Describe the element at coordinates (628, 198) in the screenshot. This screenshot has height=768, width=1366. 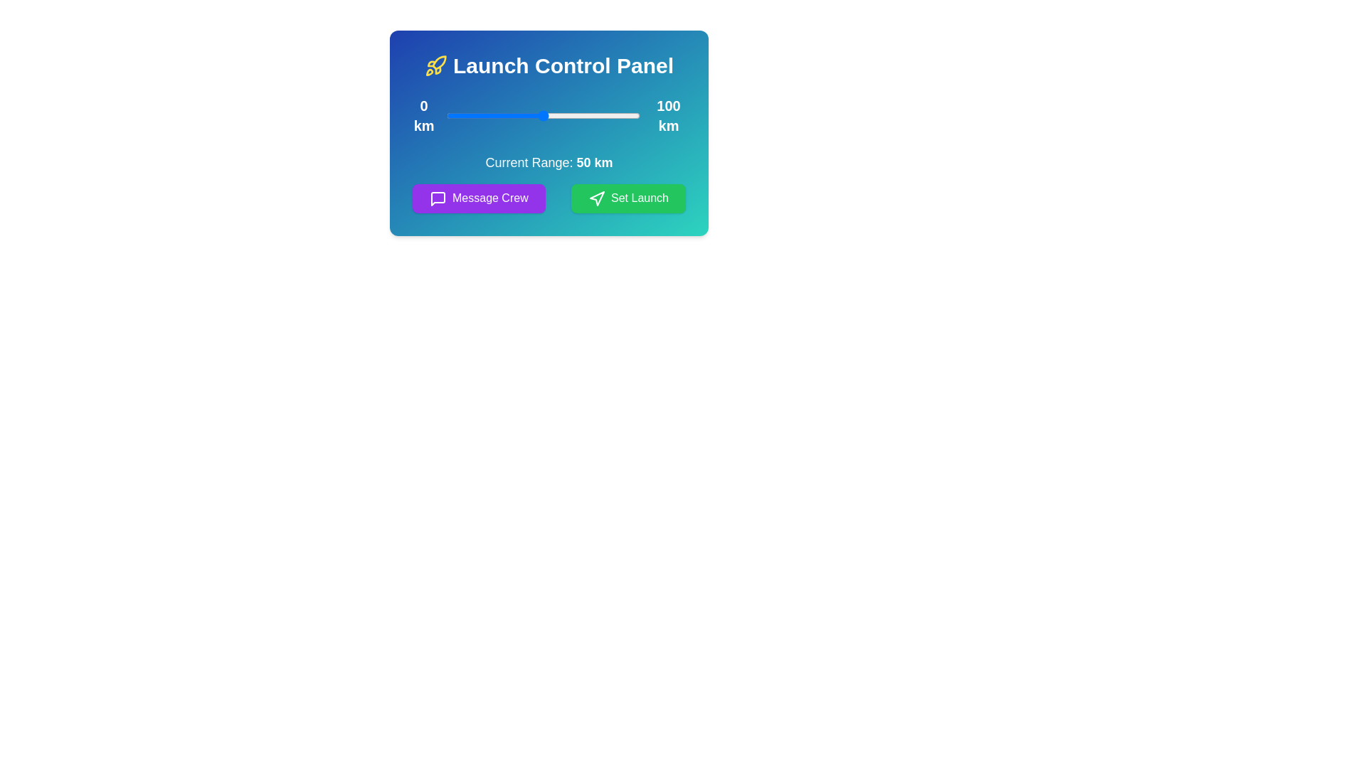
I see `the 'Set Launch' button to initiate the launch sequence` at that location.